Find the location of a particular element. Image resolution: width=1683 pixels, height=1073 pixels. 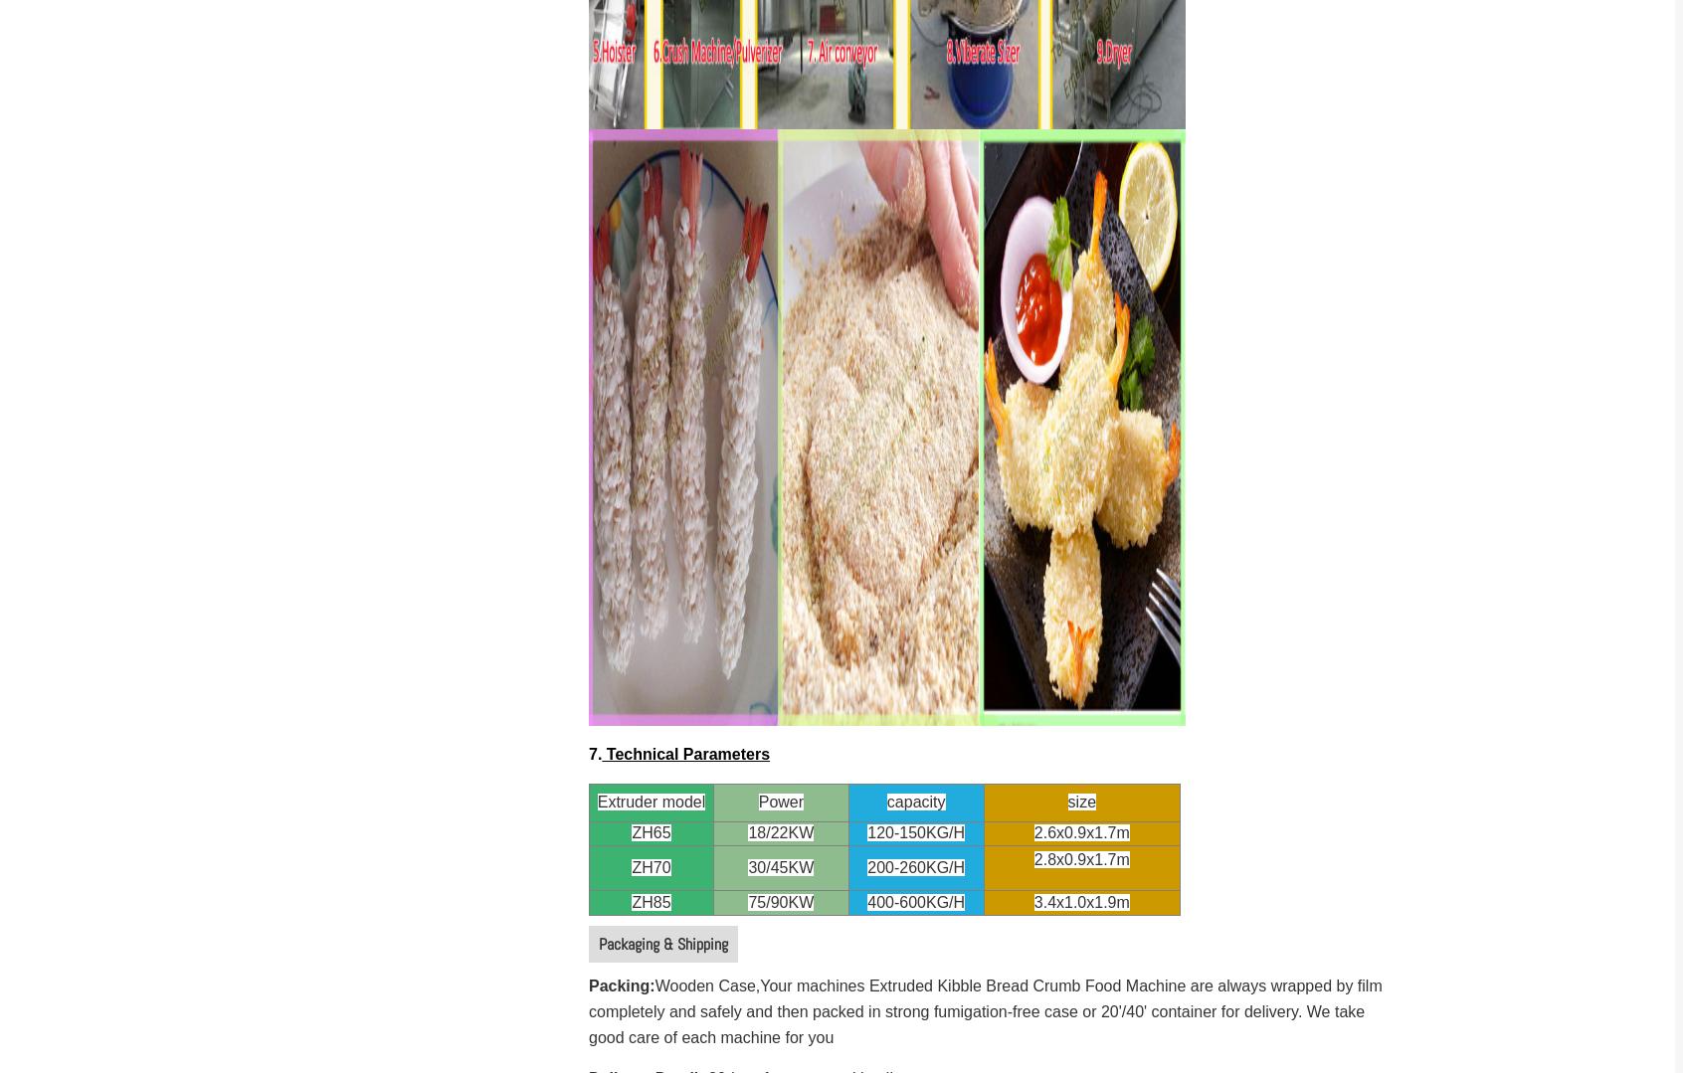

'ZH70' is located at coordinates (631, 867).